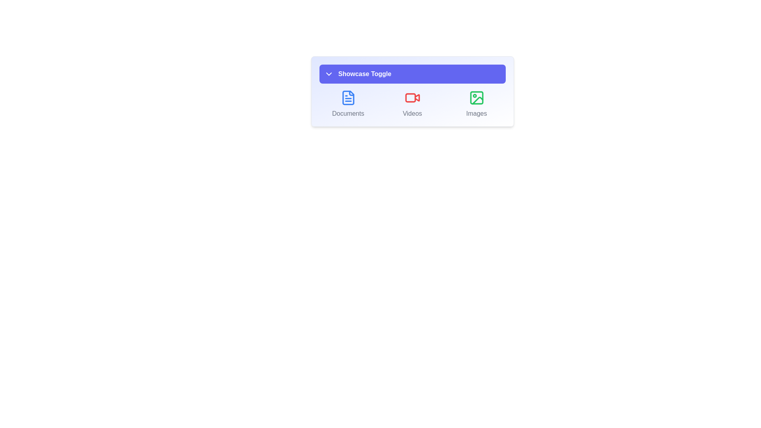  What do you see at coordinates (357, 74) in the screenshot?
I see `the 'Showcase Toggle' text label with a downward arrow icon` at bounding box center [357, 74].